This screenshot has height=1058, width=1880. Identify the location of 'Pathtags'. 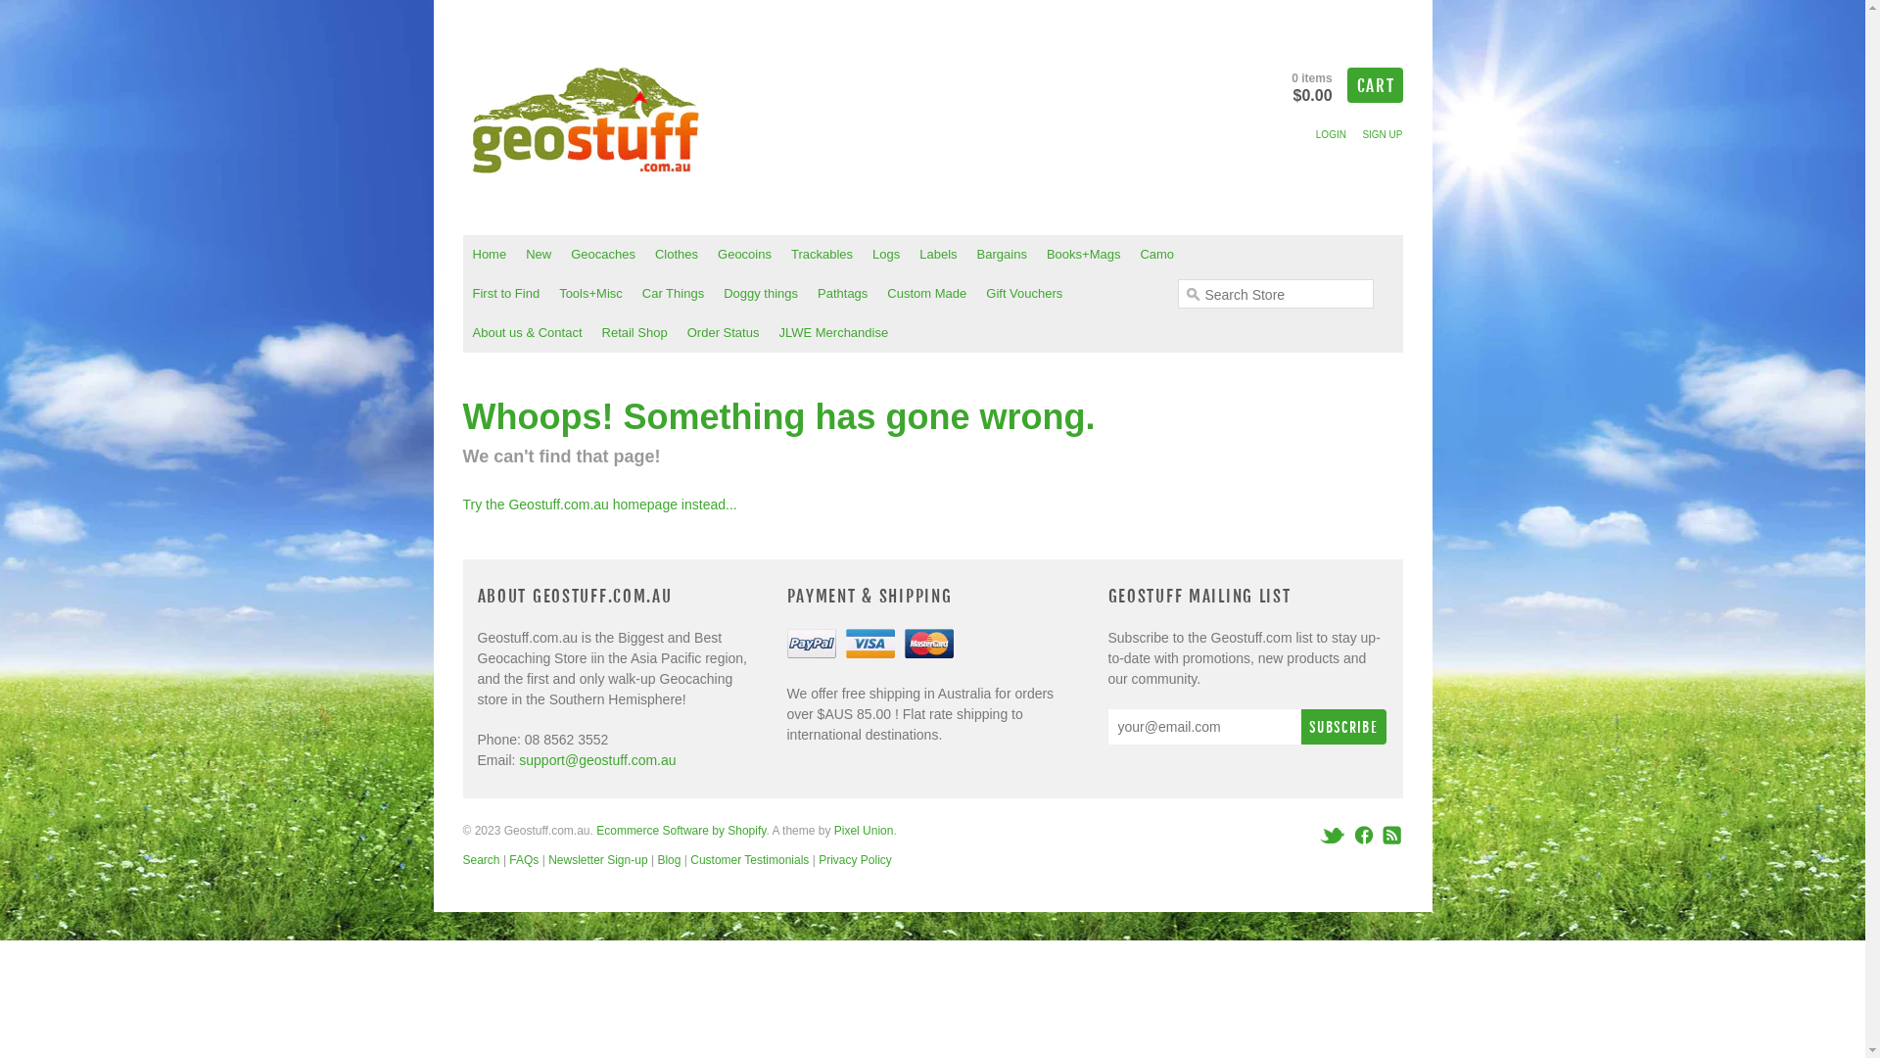
(842, 294).